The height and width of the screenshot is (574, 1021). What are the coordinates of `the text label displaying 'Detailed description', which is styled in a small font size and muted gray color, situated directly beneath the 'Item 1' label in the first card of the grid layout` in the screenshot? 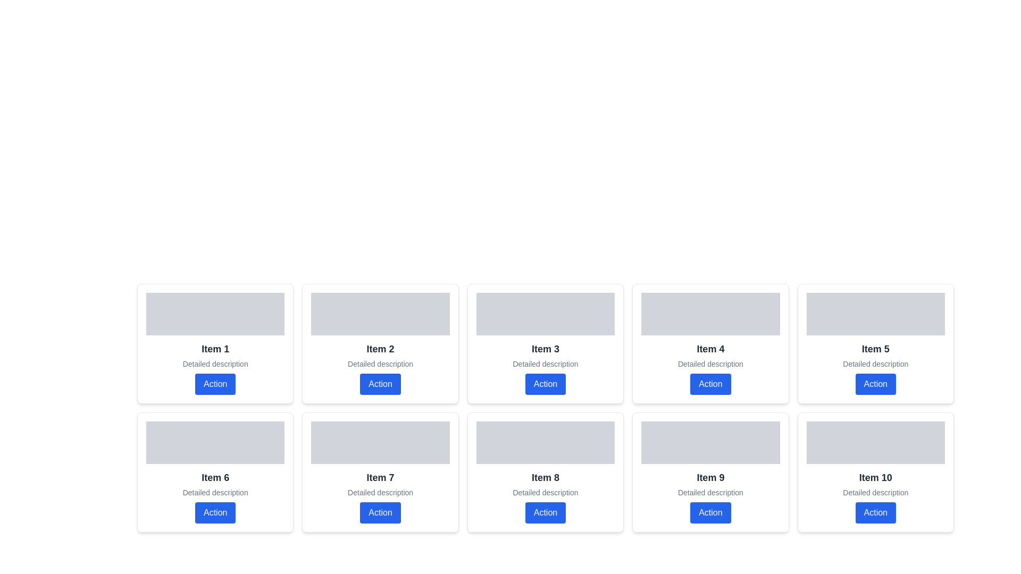 It's located at (215, 364).